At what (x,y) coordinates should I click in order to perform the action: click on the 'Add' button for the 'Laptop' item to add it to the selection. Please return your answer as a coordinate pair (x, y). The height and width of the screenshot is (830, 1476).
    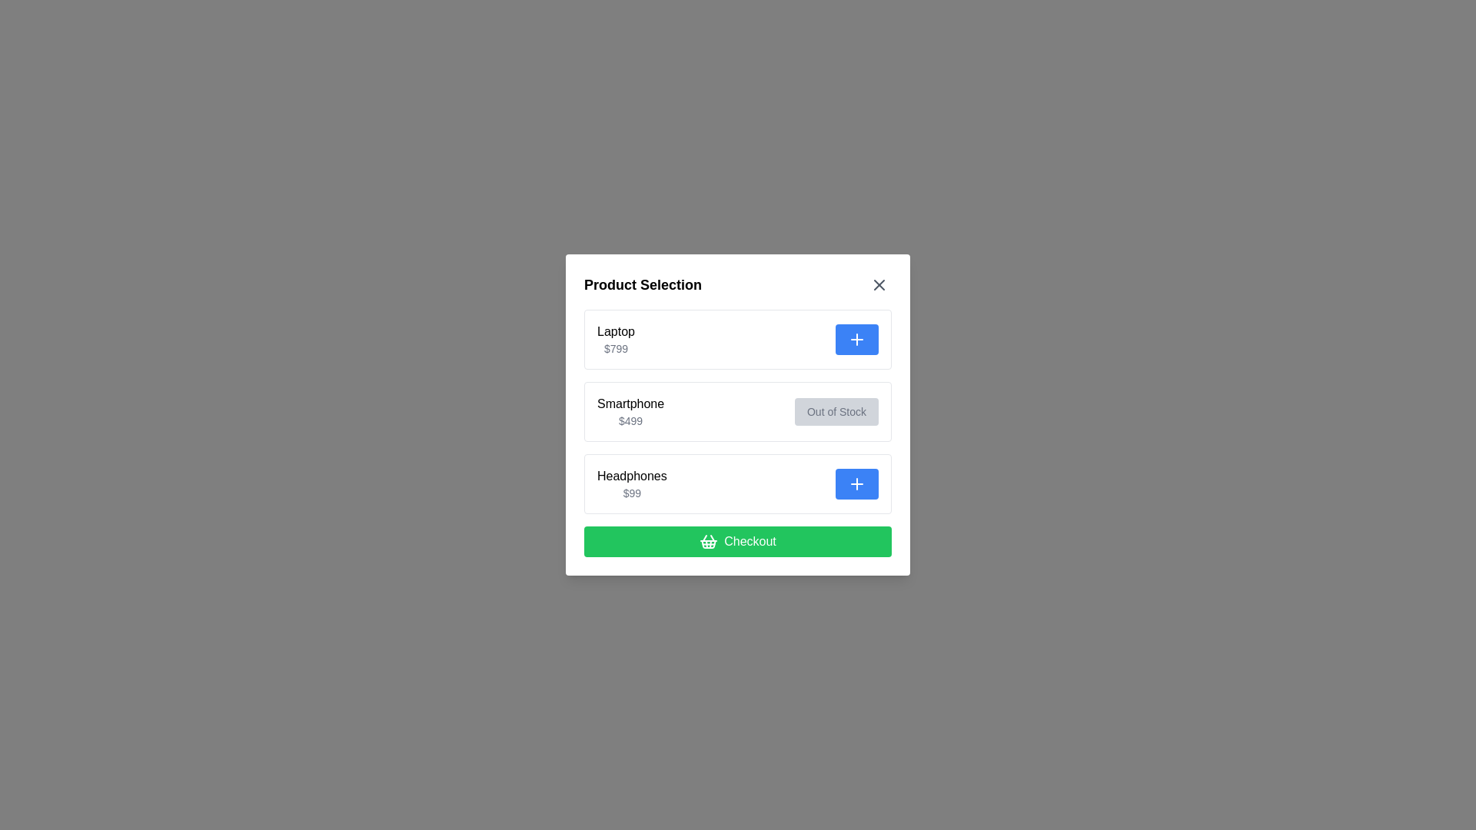
    Looking at the image, I should click on (856, 339).